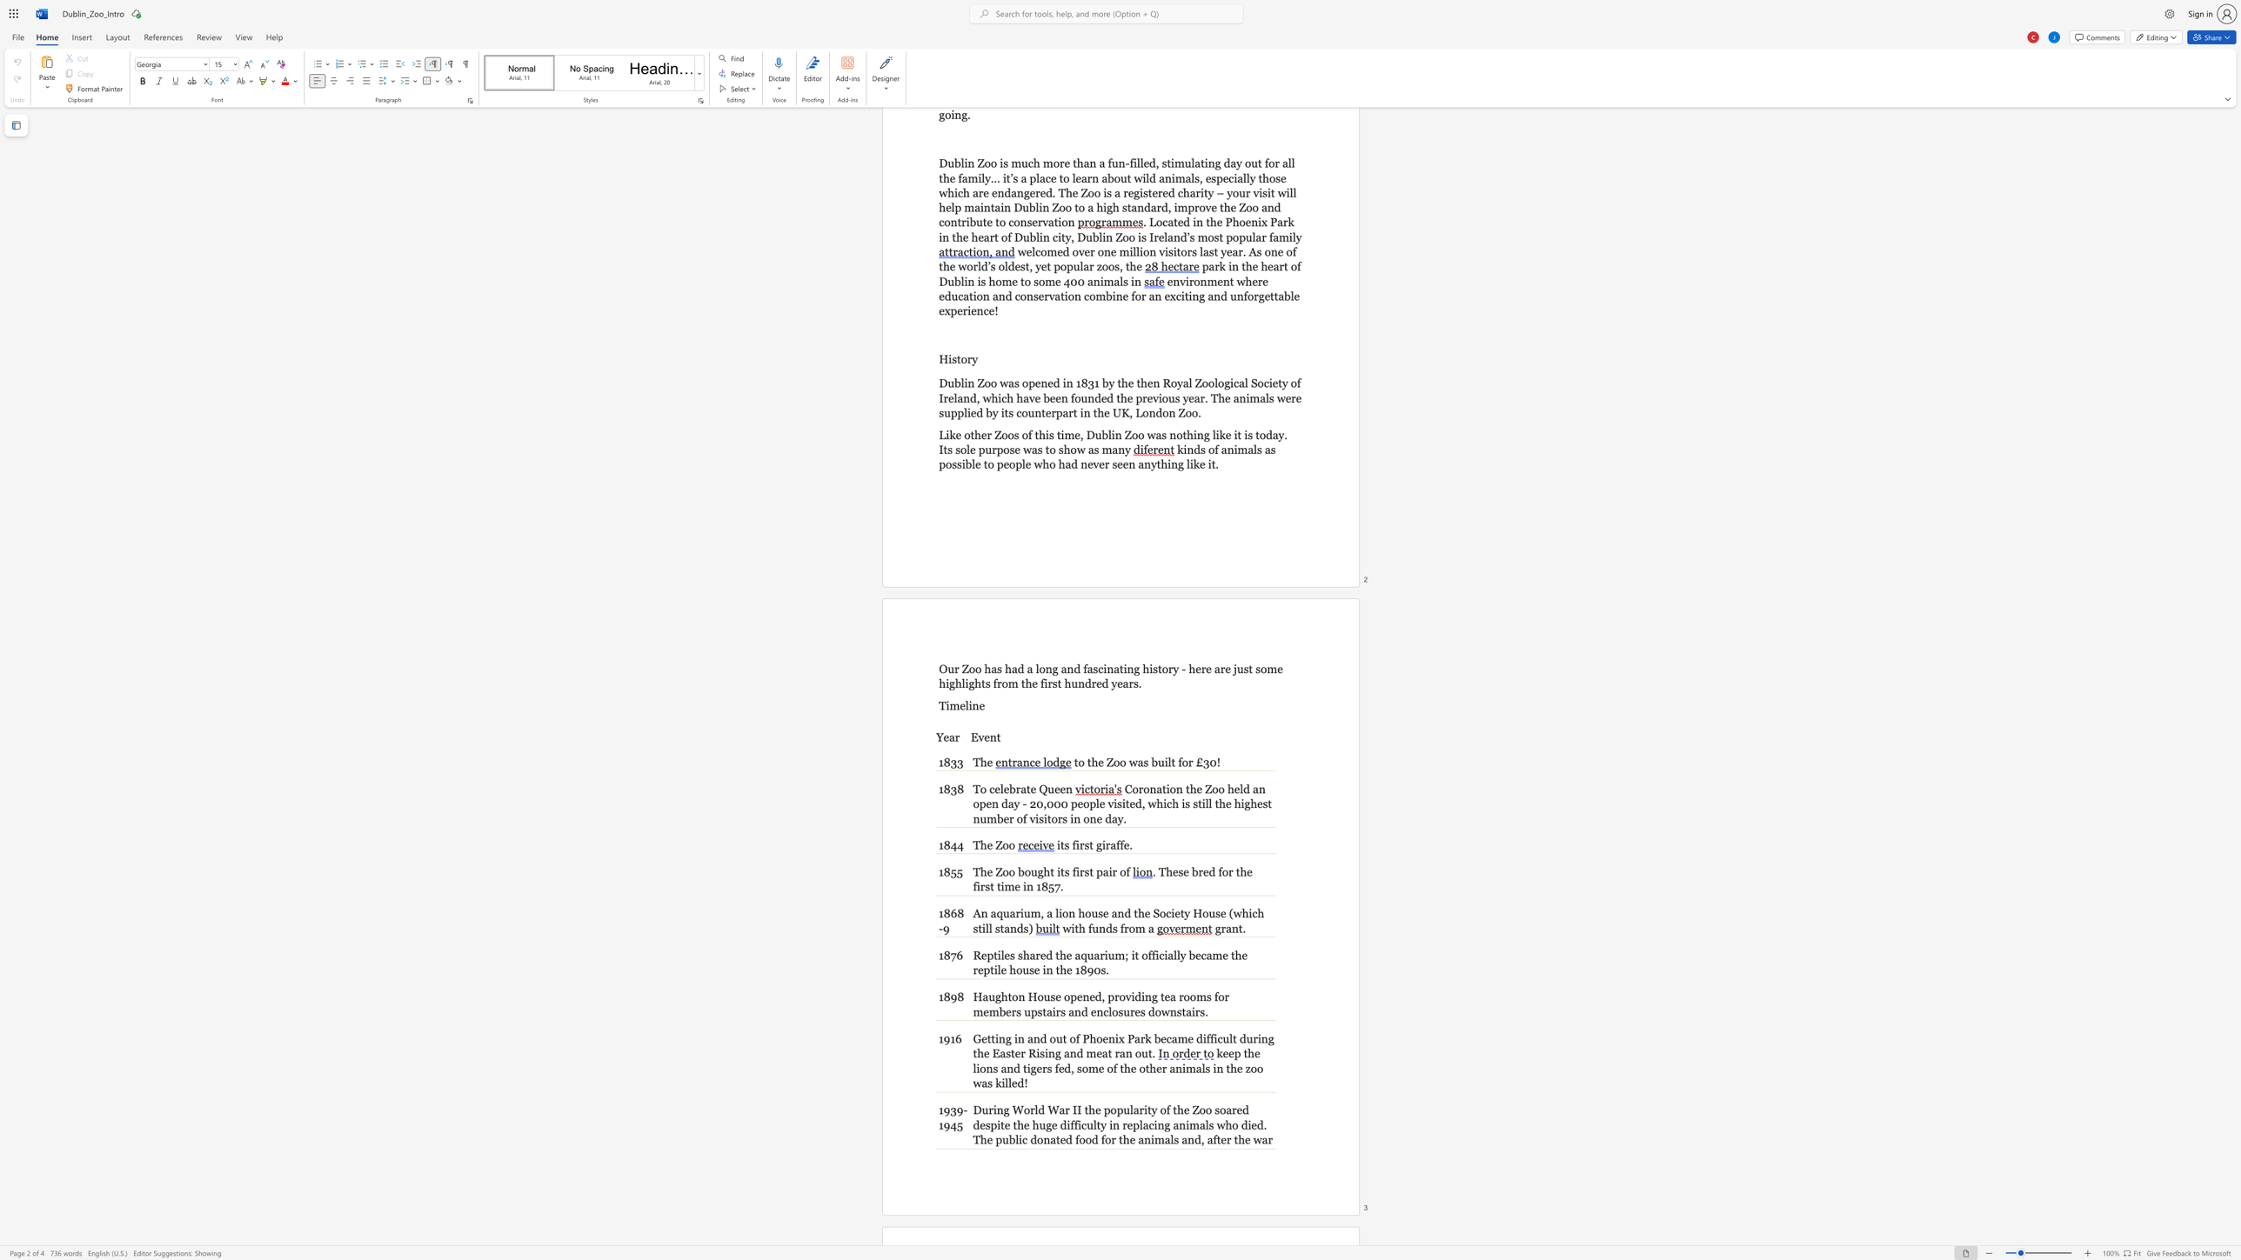  Describe the element at coordinates (1181, 1139) in the screenshot. I see `the subset text "and, after" within the text "for the animals and, after the war"` at that location.